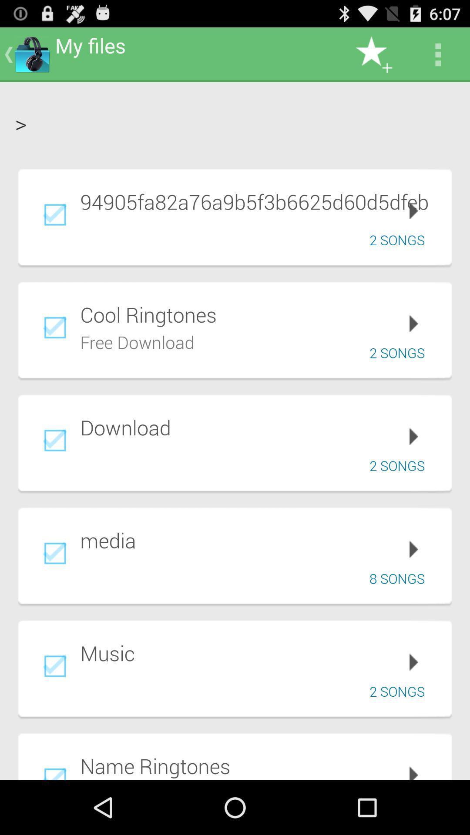  Describe the element at coordinates (373, 54) in the screenshot. I see `icon to the right of my files app` at that location.